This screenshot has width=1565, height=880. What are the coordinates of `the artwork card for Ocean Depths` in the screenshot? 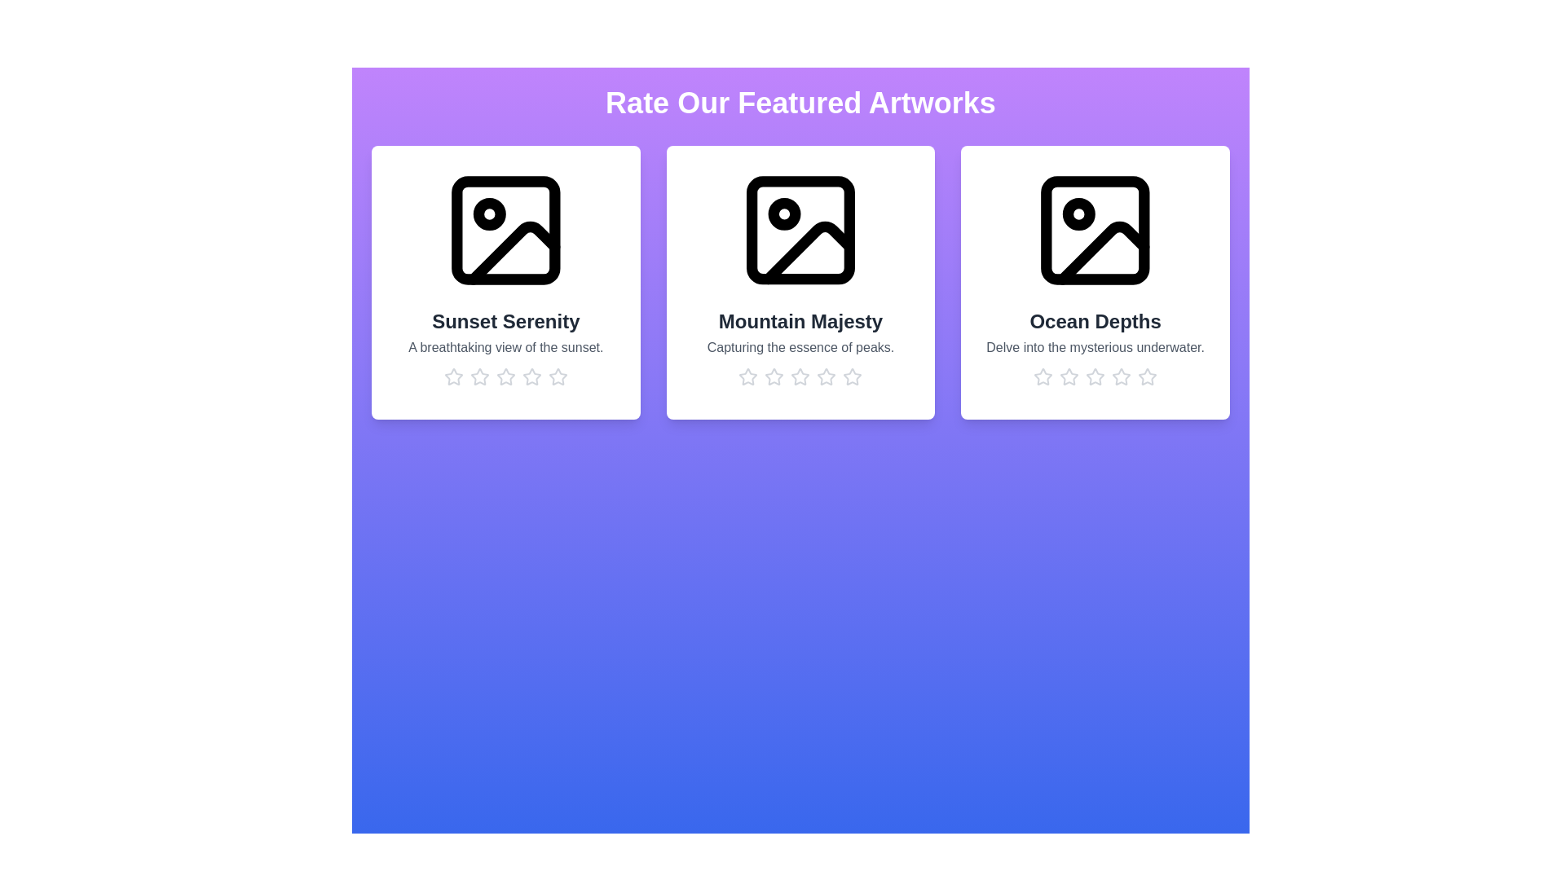 It's located at (1095, 282).